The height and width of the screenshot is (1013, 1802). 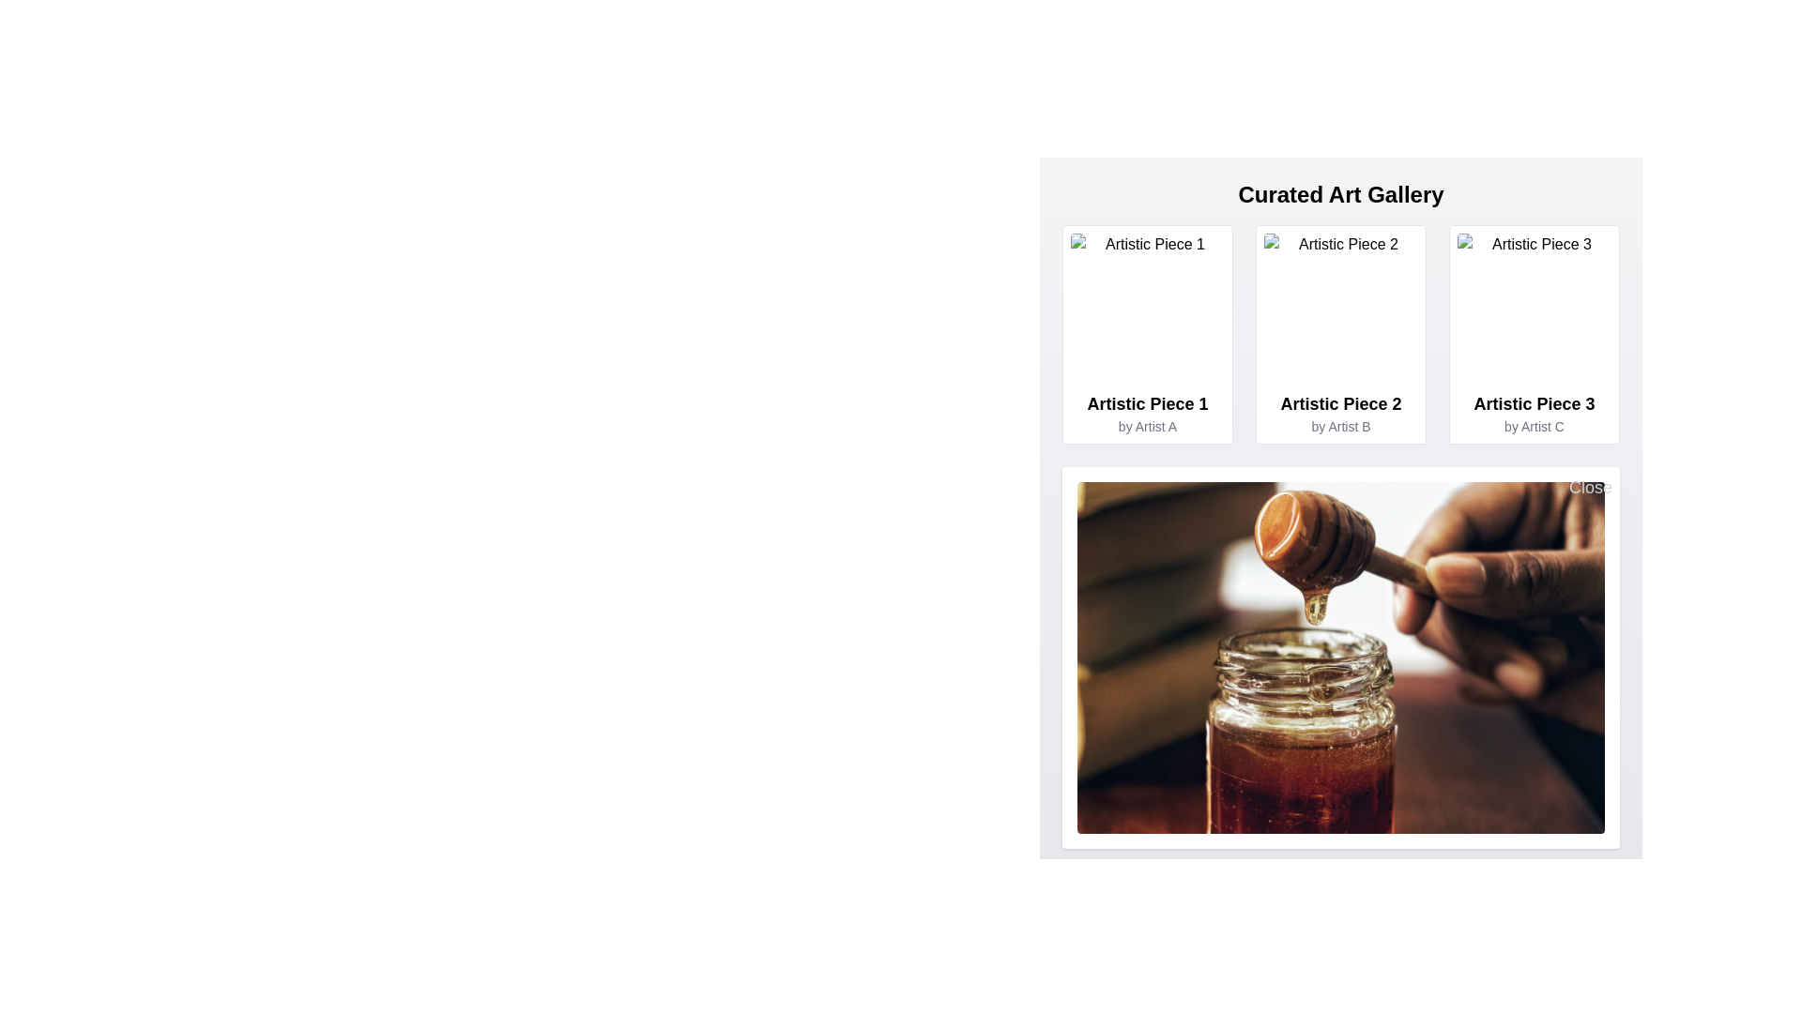 I want to click on the text display element that shows the title 'Artistic Piece 2' and subtitle 'by Artist B', located under the image in the second card of the grid layout in the 'Curated Art Gallery' section, so click(x=1340, y=412).